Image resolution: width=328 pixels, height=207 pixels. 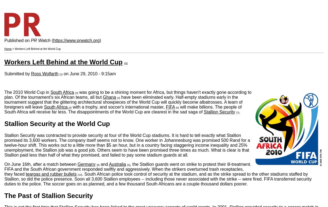 I want to click on '.', so click(x=239, y=112).